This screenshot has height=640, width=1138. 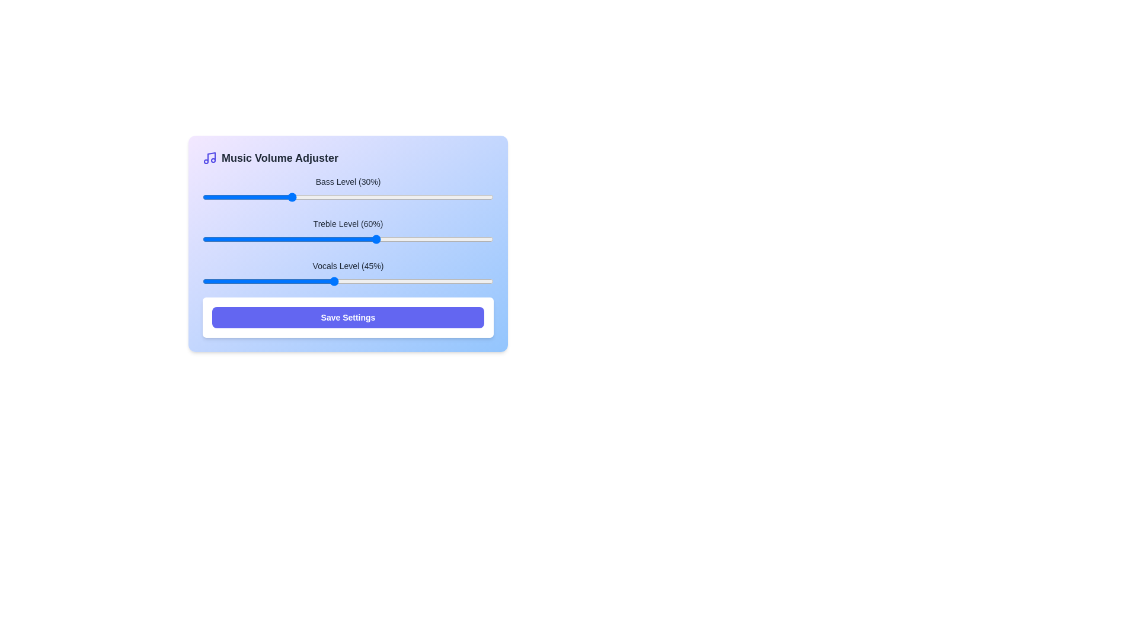 What do you see at coordinates (347, 232) in the screenshot?
I see `the second horizontal slider labeled 'Treble Level (60%)' in the group of volume sliders for additional information` at bounding box center [347, 232].